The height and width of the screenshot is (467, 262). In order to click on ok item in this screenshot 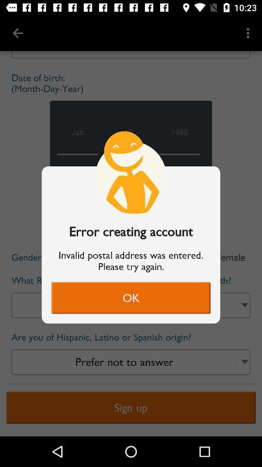, I will do `click(131, 297)`.